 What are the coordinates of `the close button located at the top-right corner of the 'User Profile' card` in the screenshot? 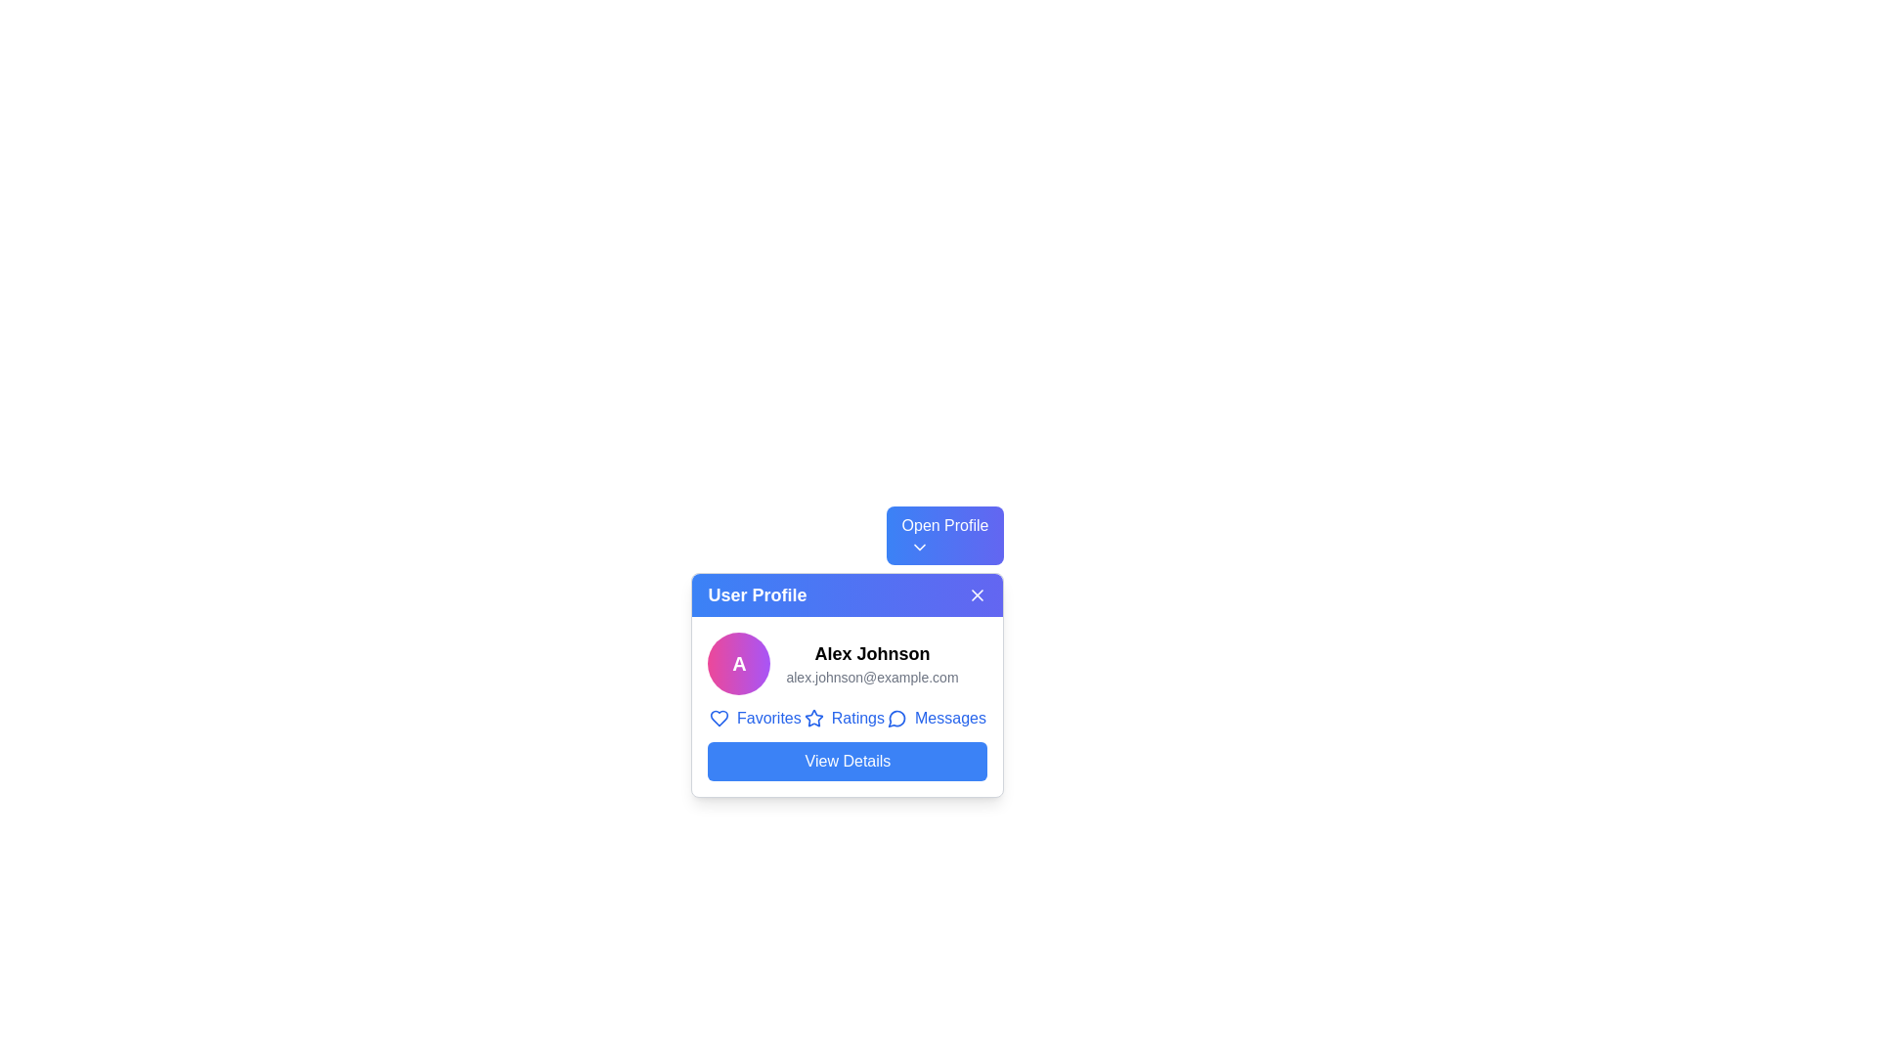 It's located at (978, 594).